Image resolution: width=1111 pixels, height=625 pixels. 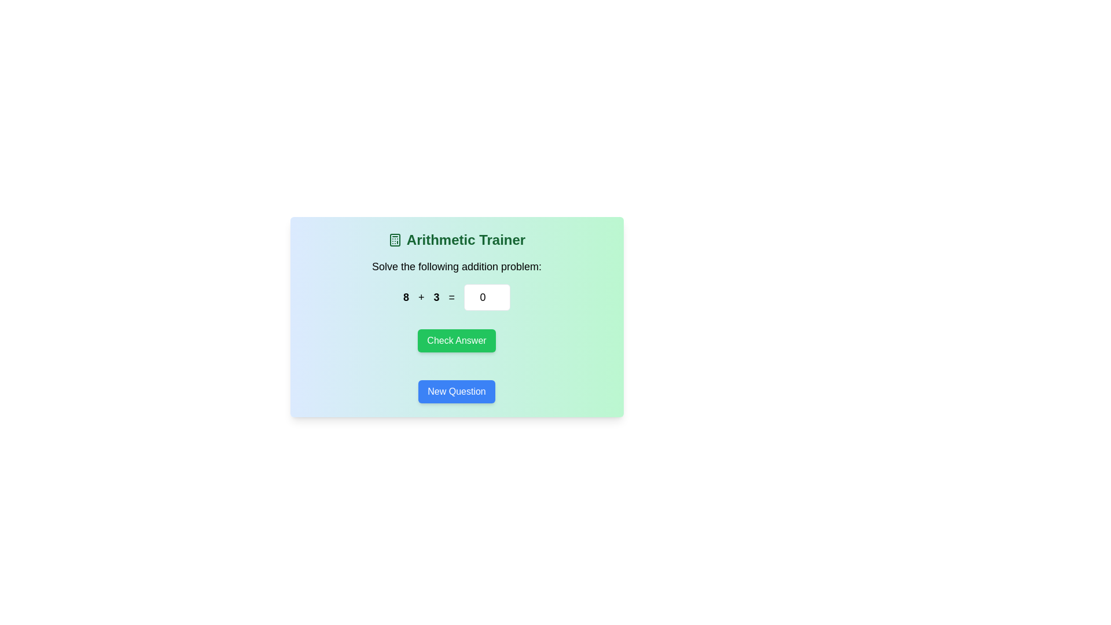 What do you see at coordinates (421, 296) in the screenshot?
I see `the static text label displaying the plus symbol ('+') in the mathematical expression '8 + 3 = 0', which is positioned centrally between '8' and '3'` at bounding box center [421, 296].